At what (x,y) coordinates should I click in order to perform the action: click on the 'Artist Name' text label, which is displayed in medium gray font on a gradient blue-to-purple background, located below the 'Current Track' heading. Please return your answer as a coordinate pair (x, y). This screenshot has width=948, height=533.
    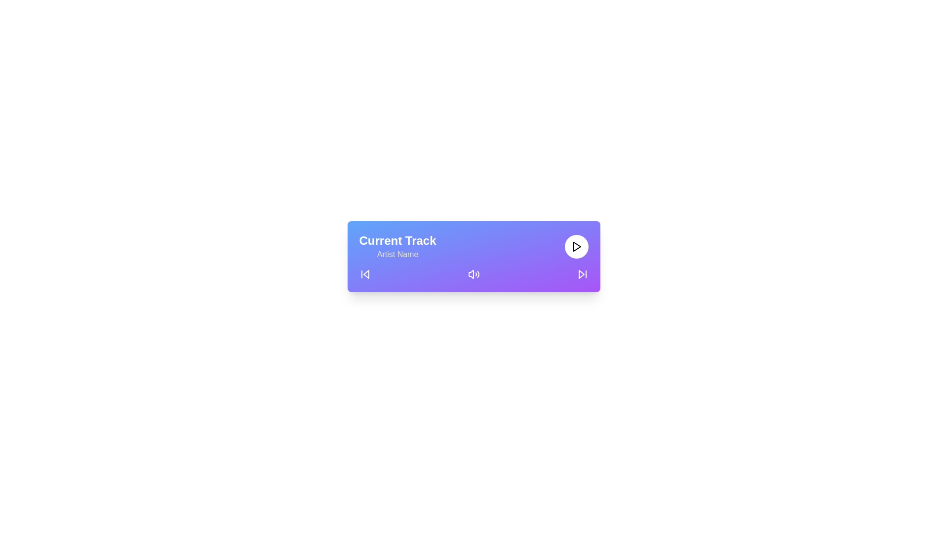
    Looking at the image, I should click on (397, 254).